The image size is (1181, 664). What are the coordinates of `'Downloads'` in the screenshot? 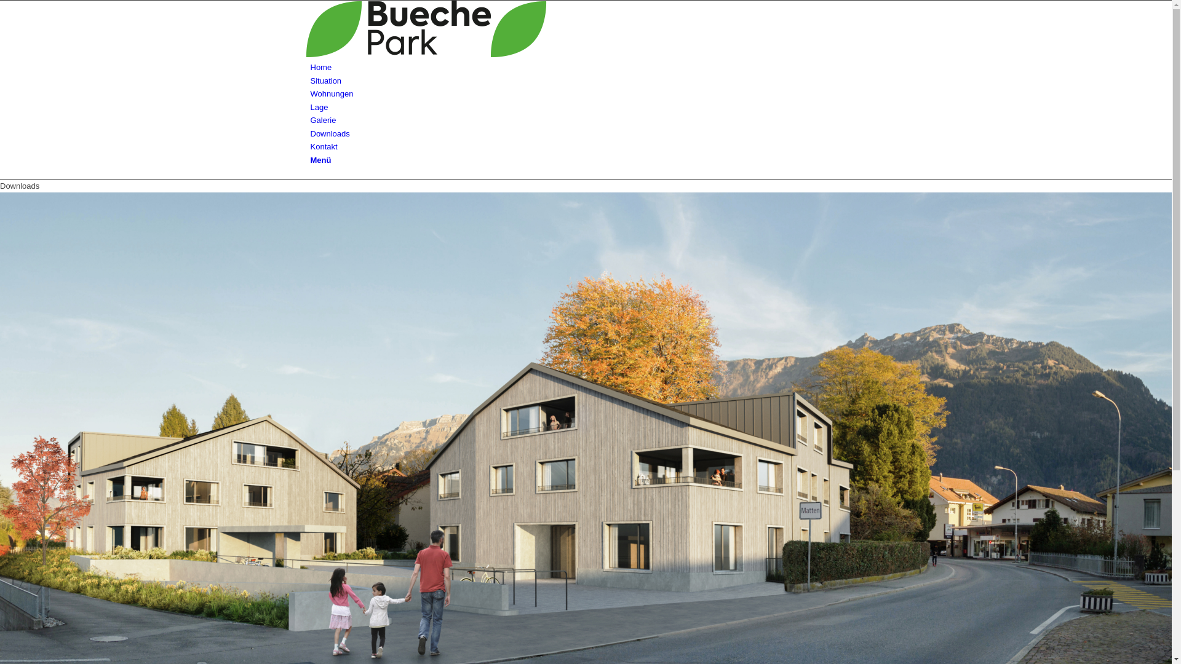 It's located at (310, 133).